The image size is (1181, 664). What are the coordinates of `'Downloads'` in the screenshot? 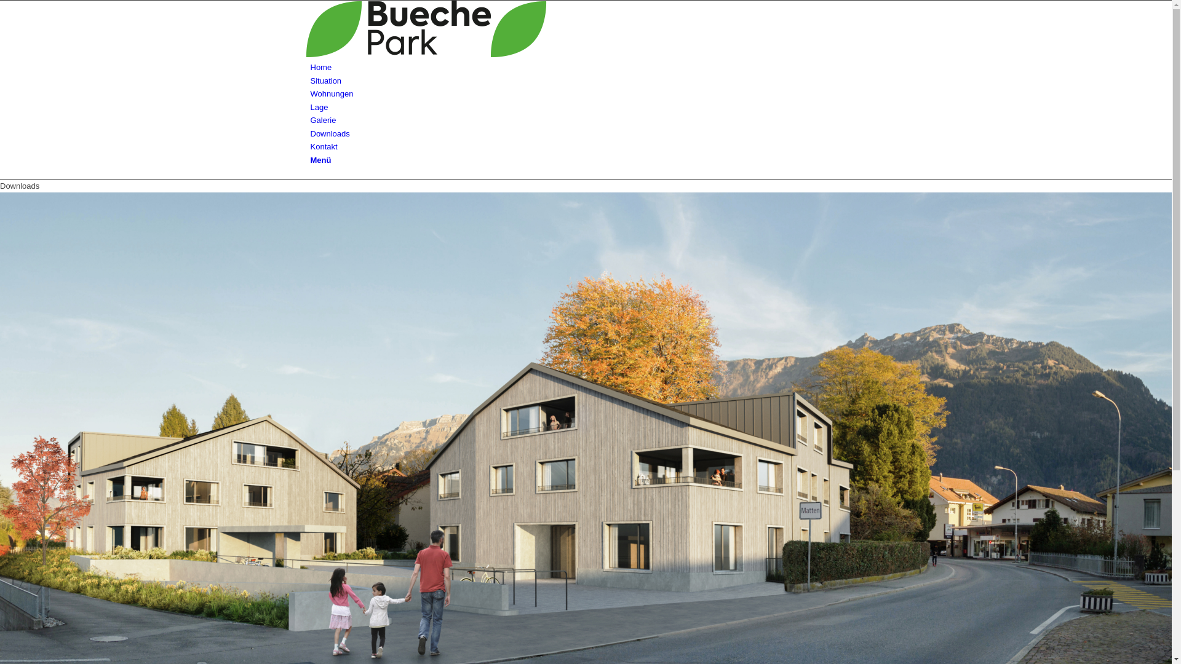 It's located at (310, 133).